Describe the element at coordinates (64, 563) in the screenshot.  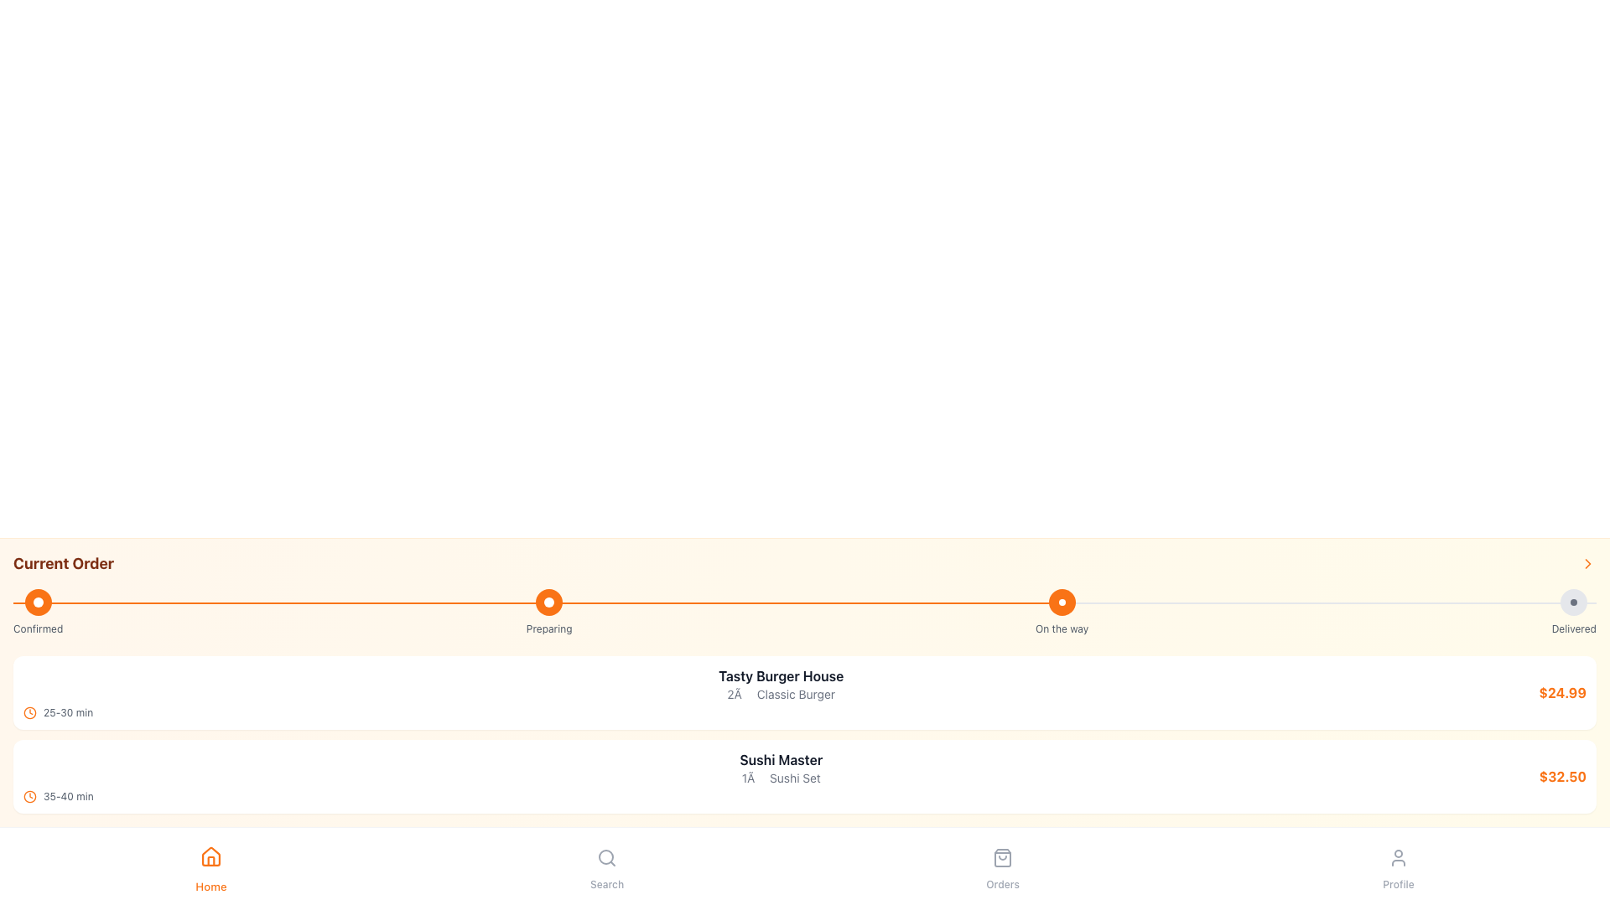
I see `the 'Current Order' text label, which is styled in bold orange text and is located on the left side of the interface in the header area` at that location.